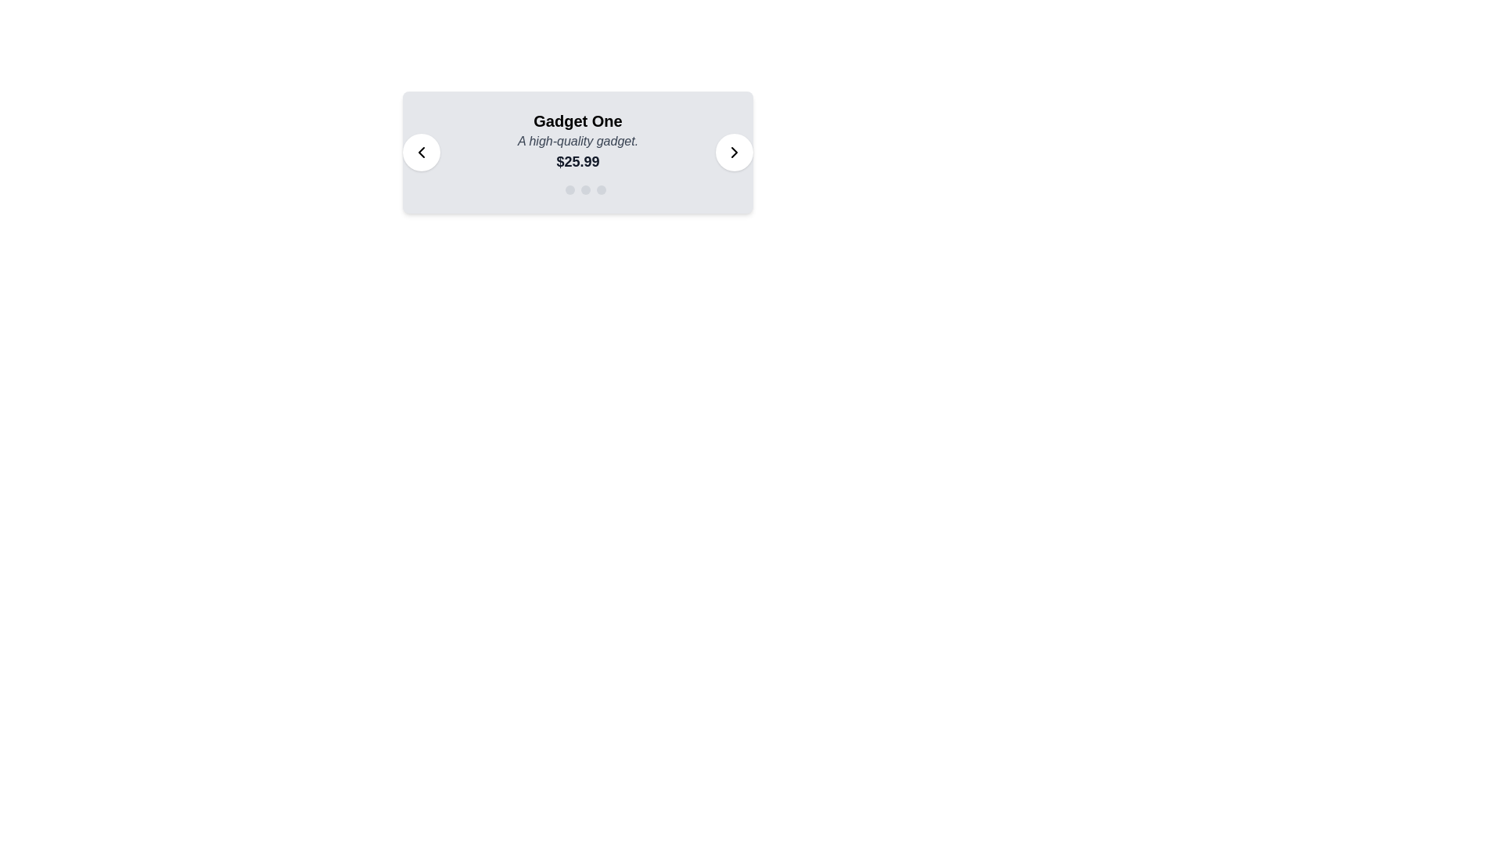 This screenshot has width=1502, height=845. What do you see at coordinates (577, 142) in the screenshot?
I see `information displayed in the text block that shows the product name 'Gadget One', description 'A high-quality gadget.', and price '$25.99'` at bounding box center [577, 142].